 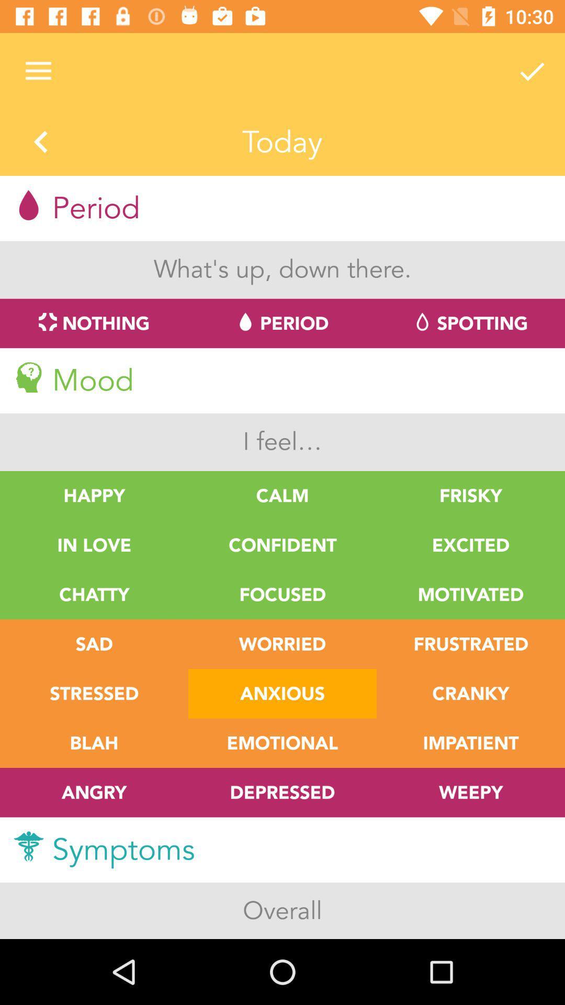 What do you see at coordinates (470, 743) in the screenshot?
I see `the option impatient of the web page` at bounding box center [470, 743].